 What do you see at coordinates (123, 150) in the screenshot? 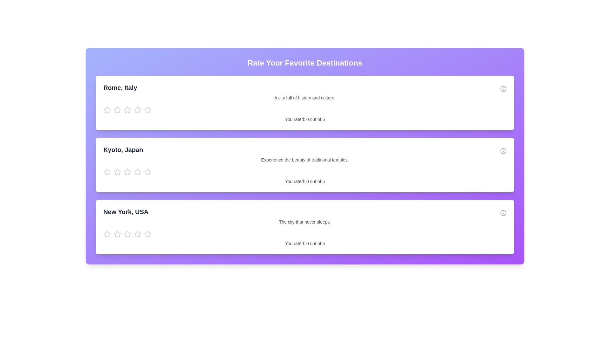
I see `text label displaying 'Kyoto, Japan', which is bold and prominently styled, located in the second section of a vertically stacked list of destinations` at bounding box center [123, 150].